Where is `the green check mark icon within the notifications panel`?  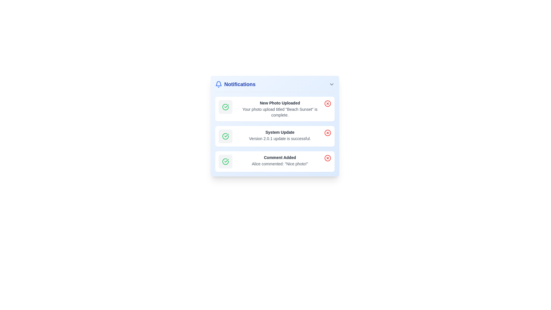 the green check mark icon within the notifications panel is located at coordinates (225, 136).